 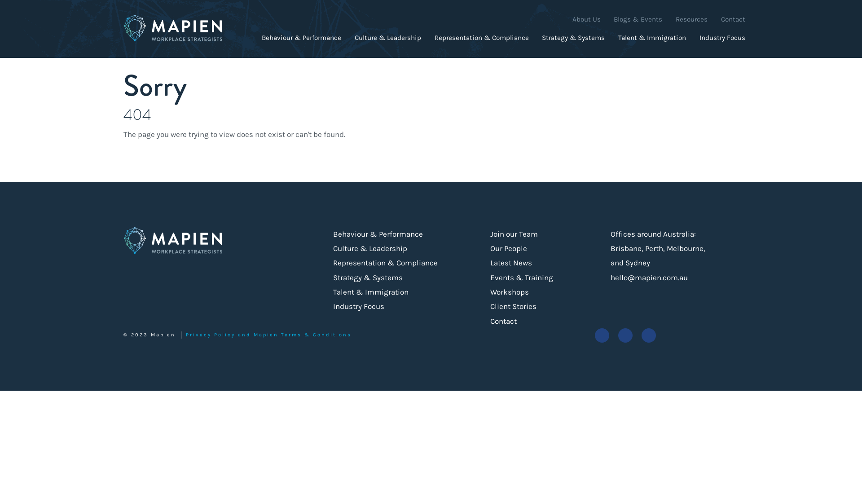 I want to click on 'Representation & Compliance', so click(x=435, y=37).